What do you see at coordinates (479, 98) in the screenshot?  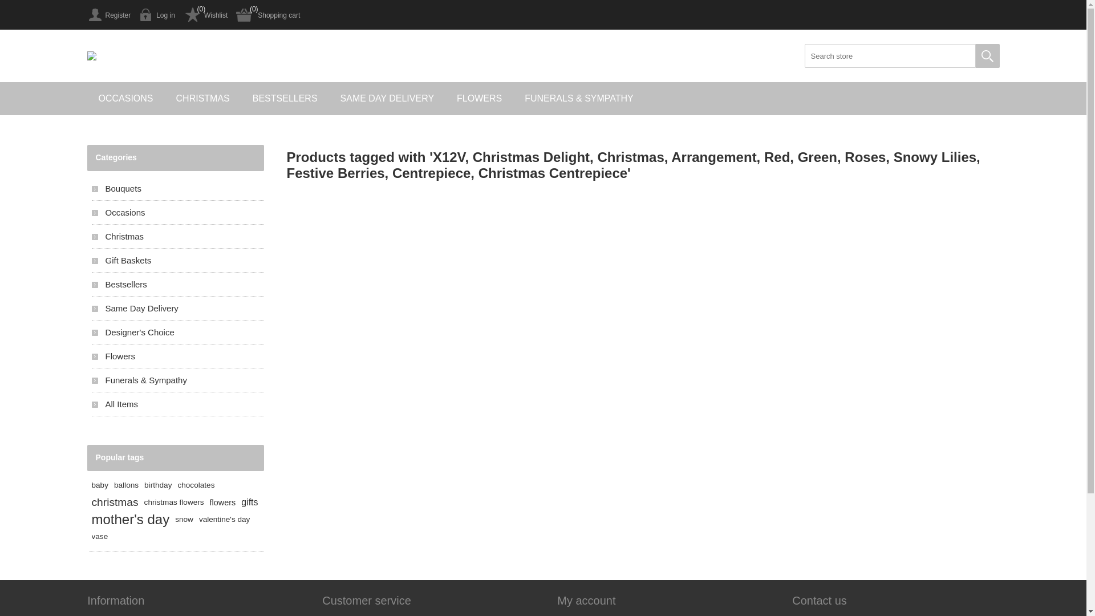 I see `'FLOWERS'` at bounding box center [479, 98].